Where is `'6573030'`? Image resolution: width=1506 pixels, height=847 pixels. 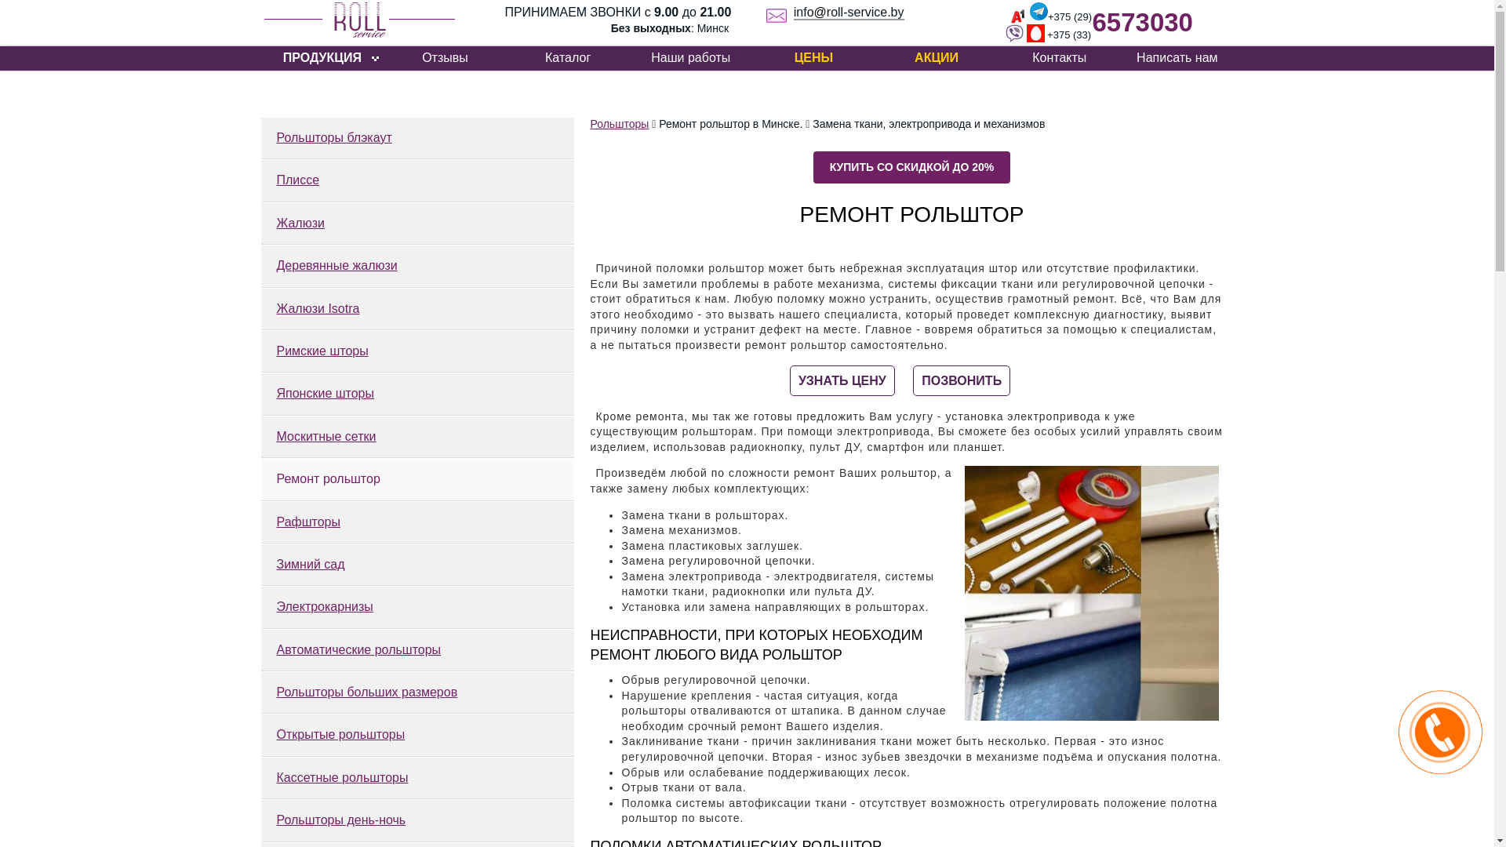 '6573030' is located at coordinates (1141, 22).